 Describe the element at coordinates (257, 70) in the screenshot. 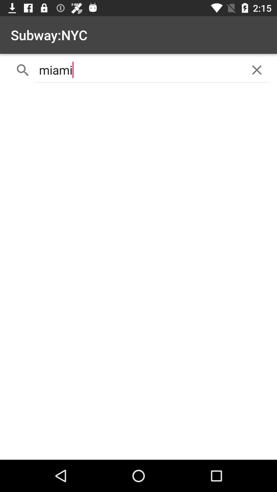

I see `the icon at the top right corner` at that location.